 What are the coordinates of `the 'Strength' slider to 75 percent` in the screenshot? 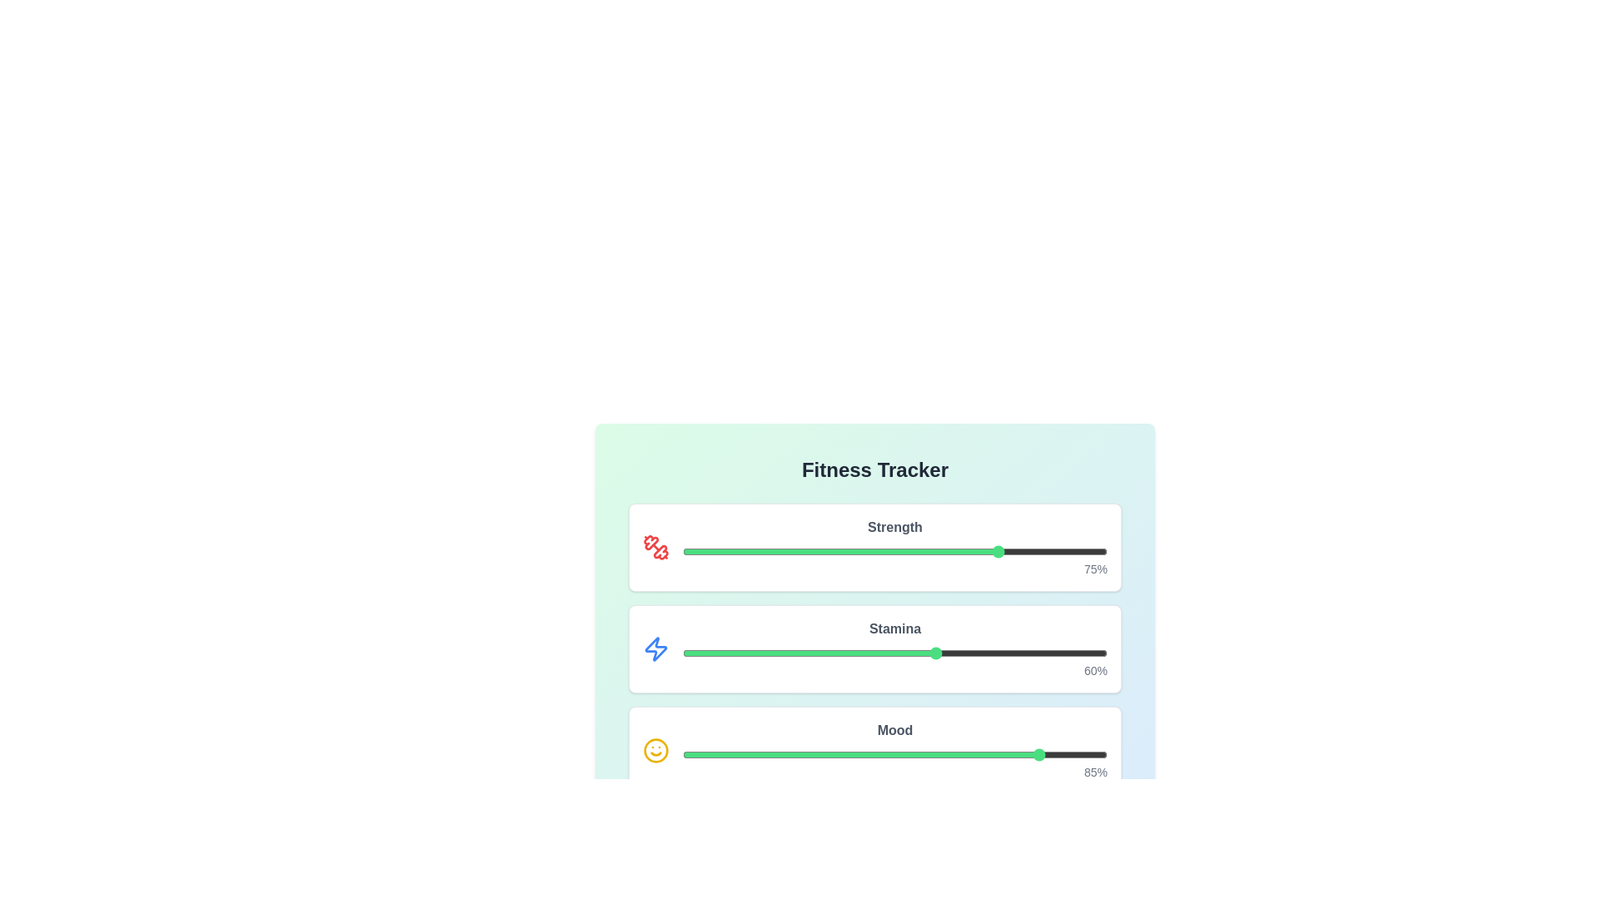 It's located at (1000, 552).